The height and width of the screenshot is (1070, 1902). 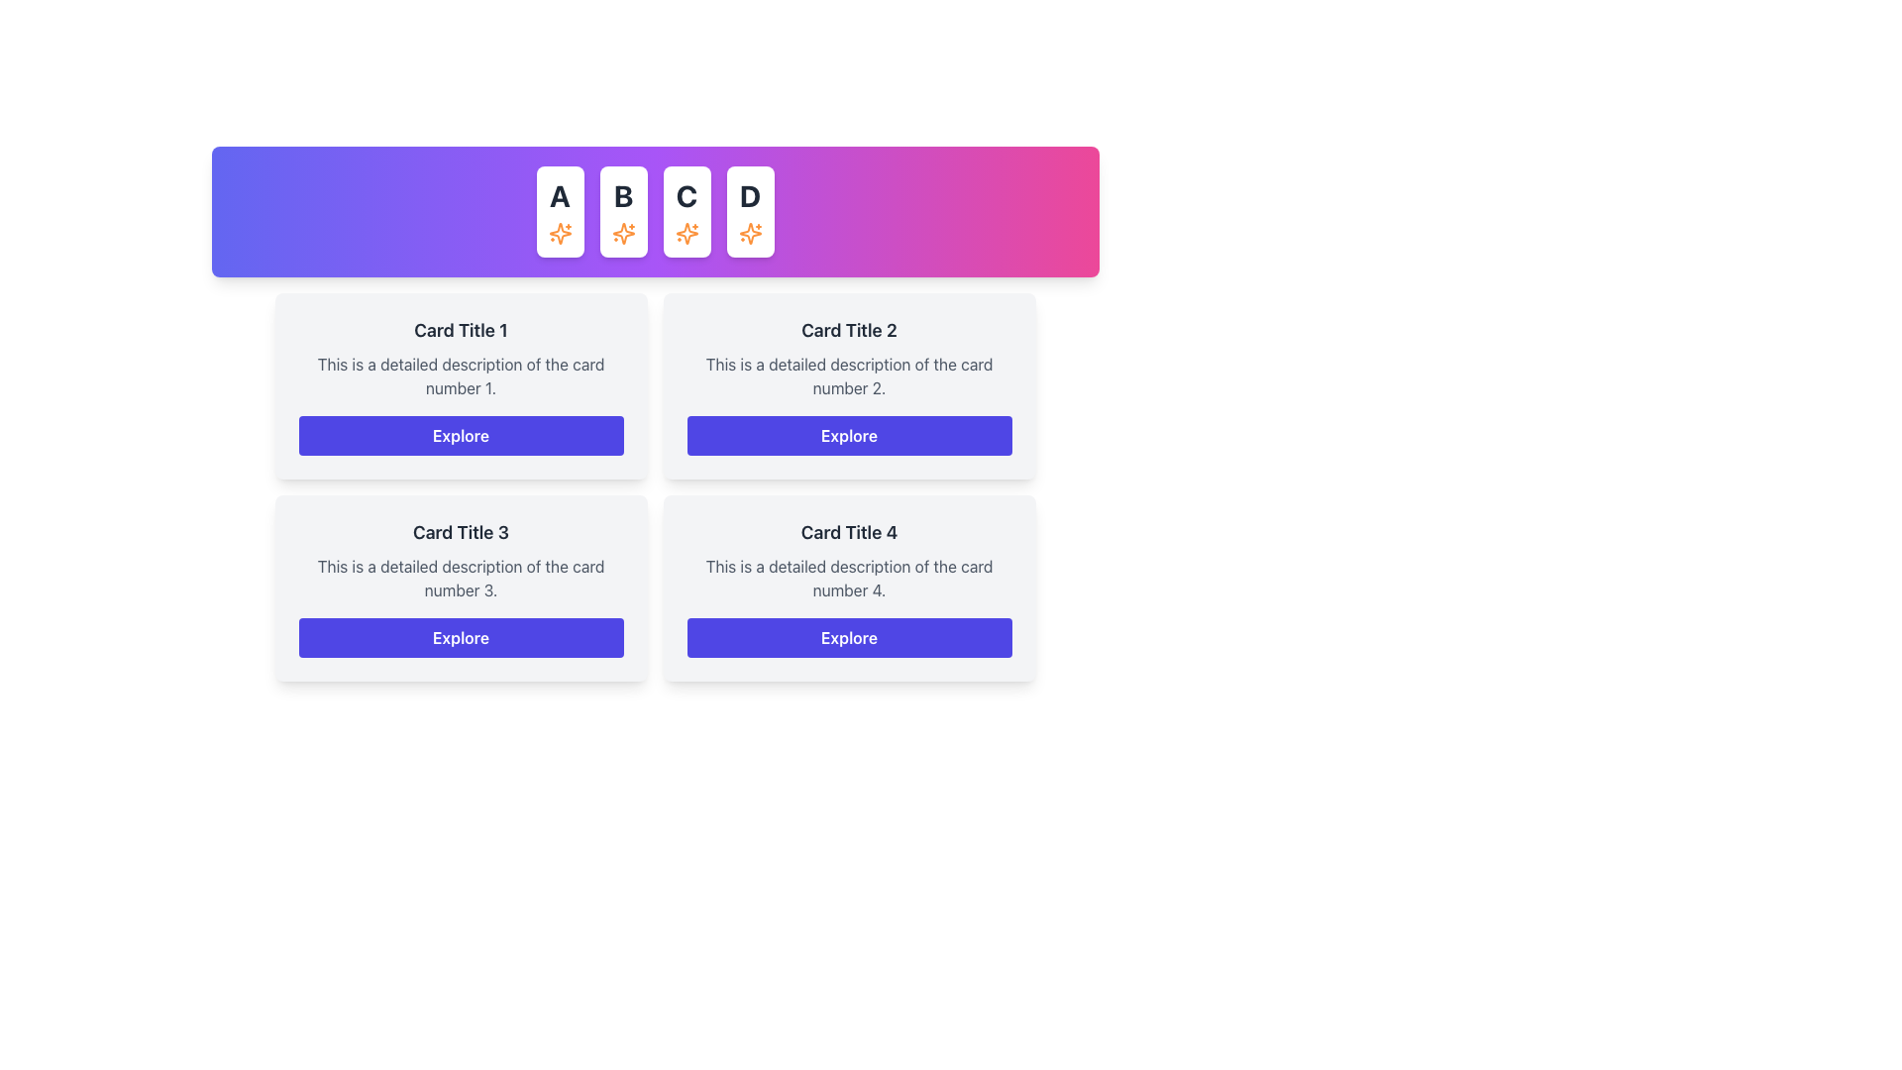 I want to click on the character 'A' label within the first card of the horizontal card lineup, so click(x=559, y=195).